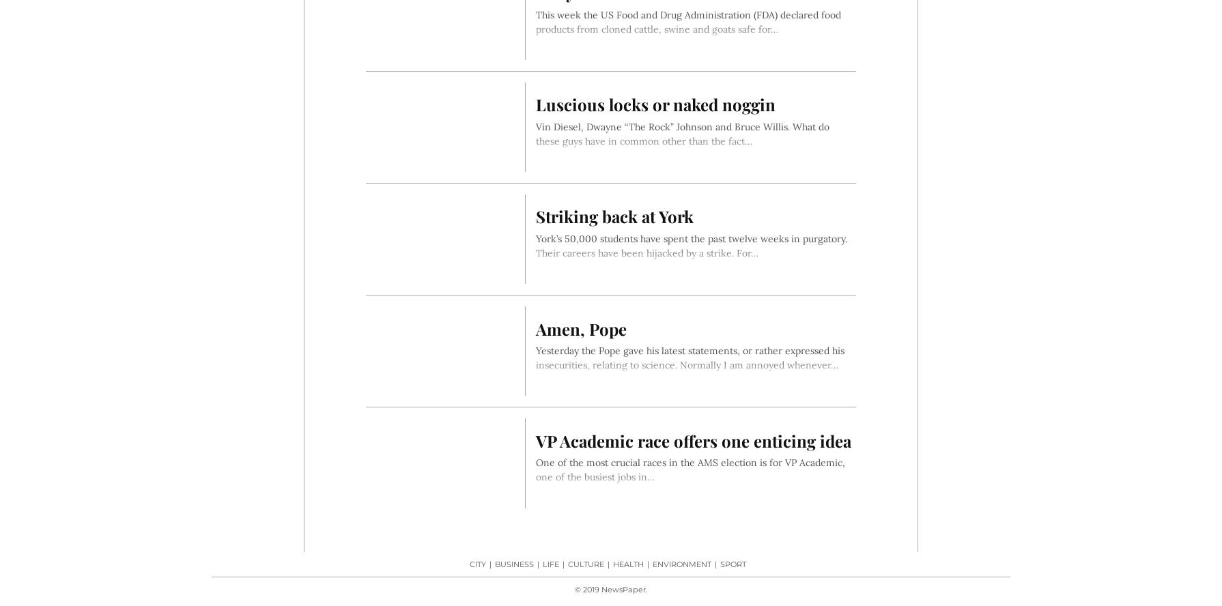 This screenshot has height=606, width=1222. Describe the element at coordinates (476, 564) in the screenshot. I see `'City'` at that location.